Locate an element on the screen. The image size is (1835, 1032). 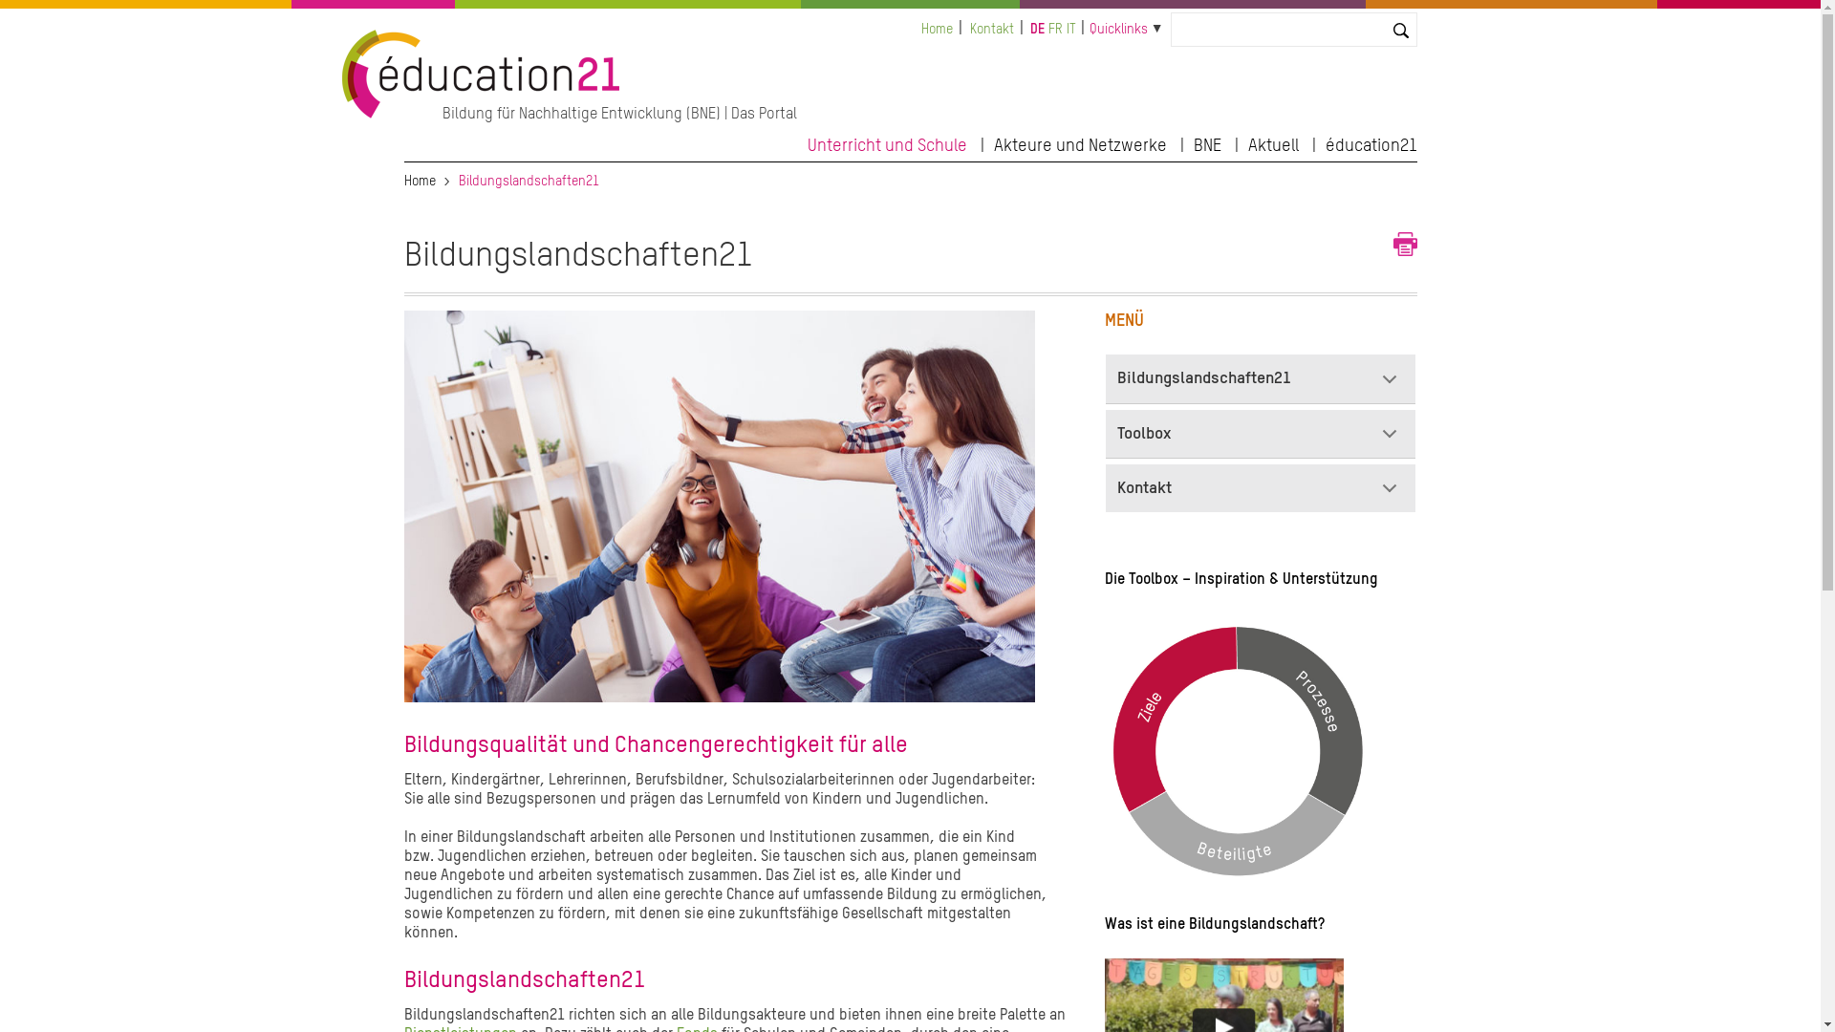
'Kontakt' is located at coordinates (991, 29).